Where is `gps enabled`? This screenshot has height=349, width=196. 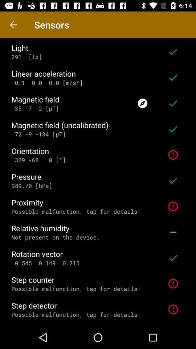
gps enabled is located at coordinates (143, 103).